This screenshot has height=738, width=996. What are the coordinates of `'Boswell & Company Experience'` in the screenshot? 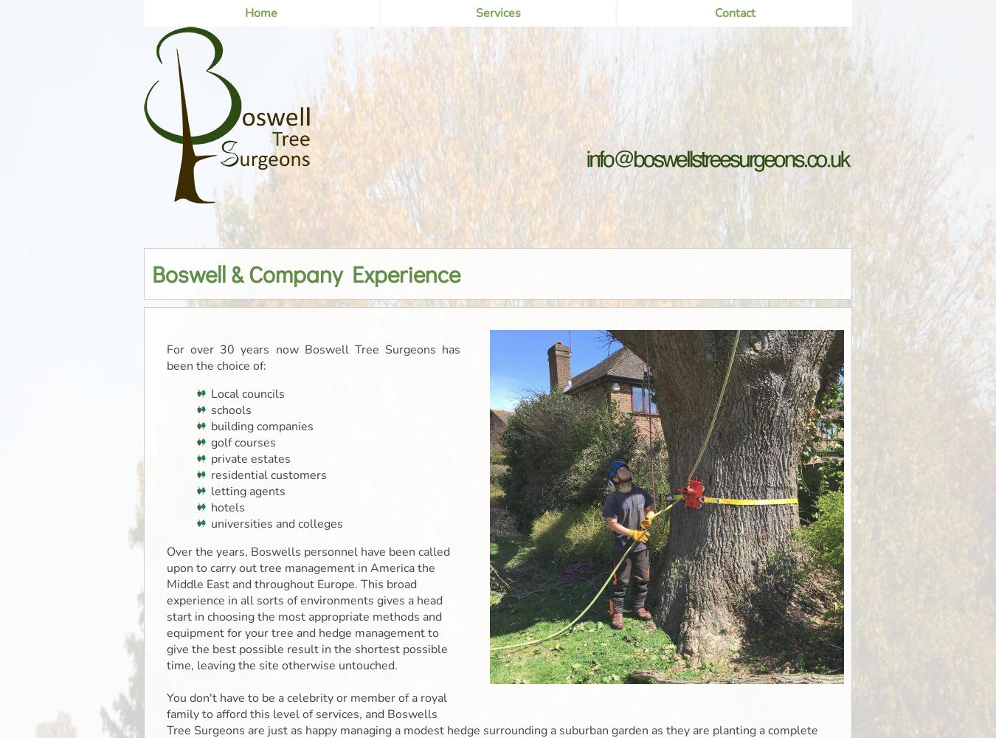 It's located at (152, 272).